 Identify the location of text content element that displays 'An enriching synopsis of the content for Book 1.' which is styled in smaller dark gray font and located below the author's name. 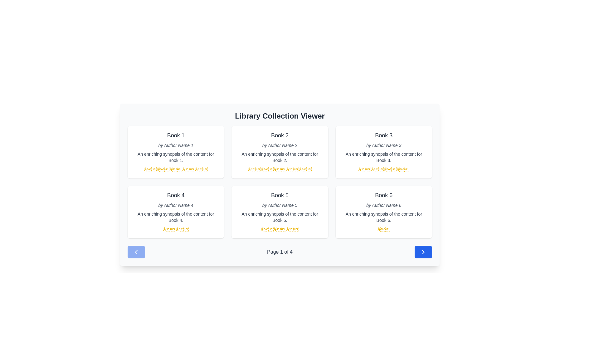
(175, 157).